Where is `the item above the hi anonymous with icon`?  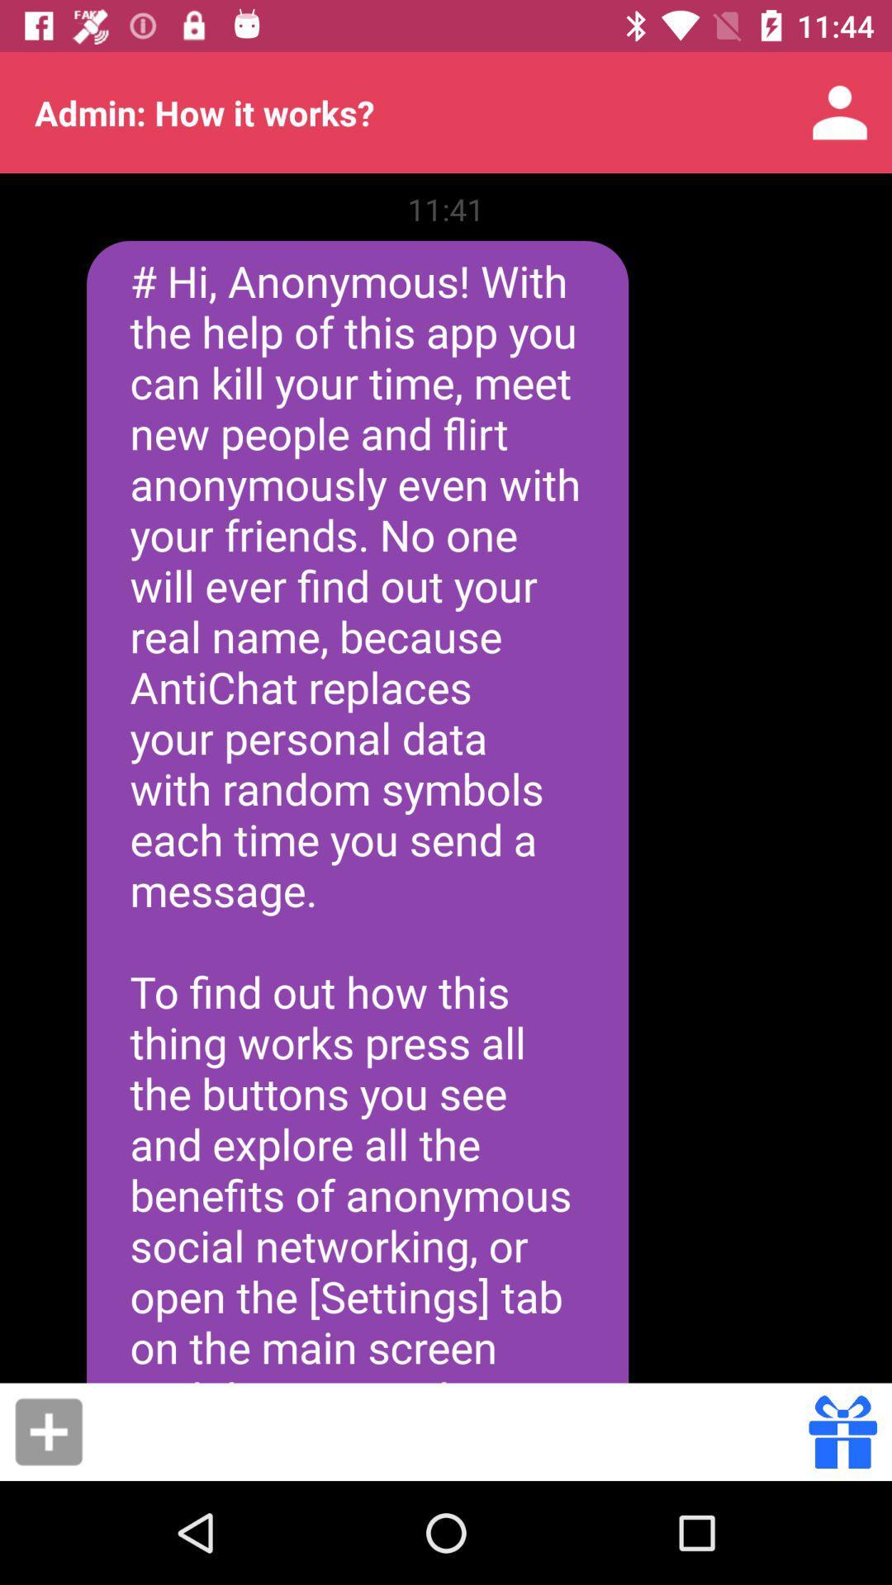
the item above the hi anonymous with icon is located at coordinates (446, 208).